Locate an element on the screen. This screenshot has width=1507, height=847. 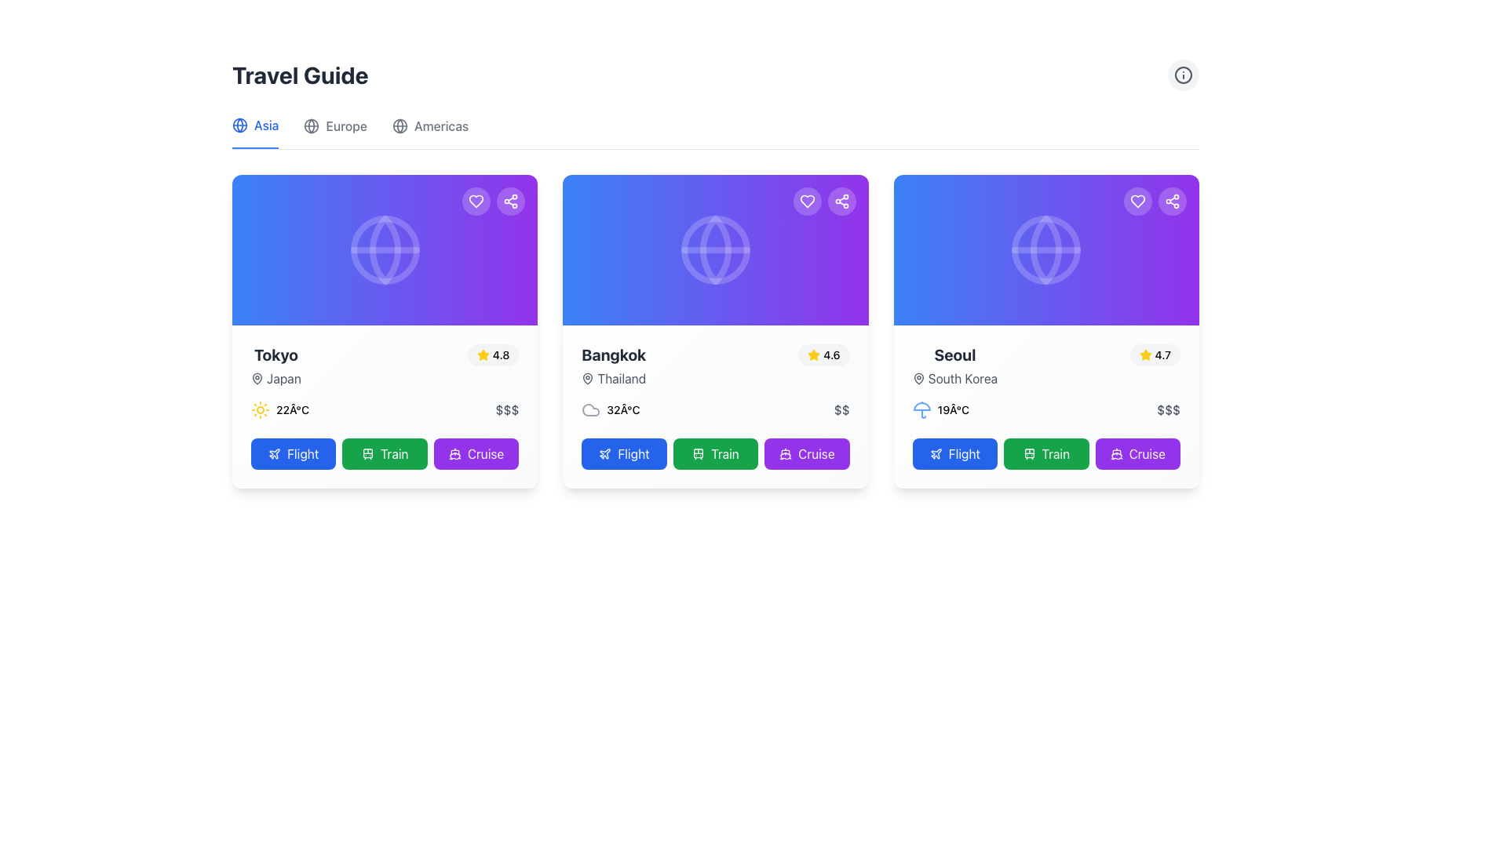
the small, circular map pin icon with a hollow center, located directly to the left of the text 'Thailand' in the Bangkok travel card is located at coordinates (587, 378).